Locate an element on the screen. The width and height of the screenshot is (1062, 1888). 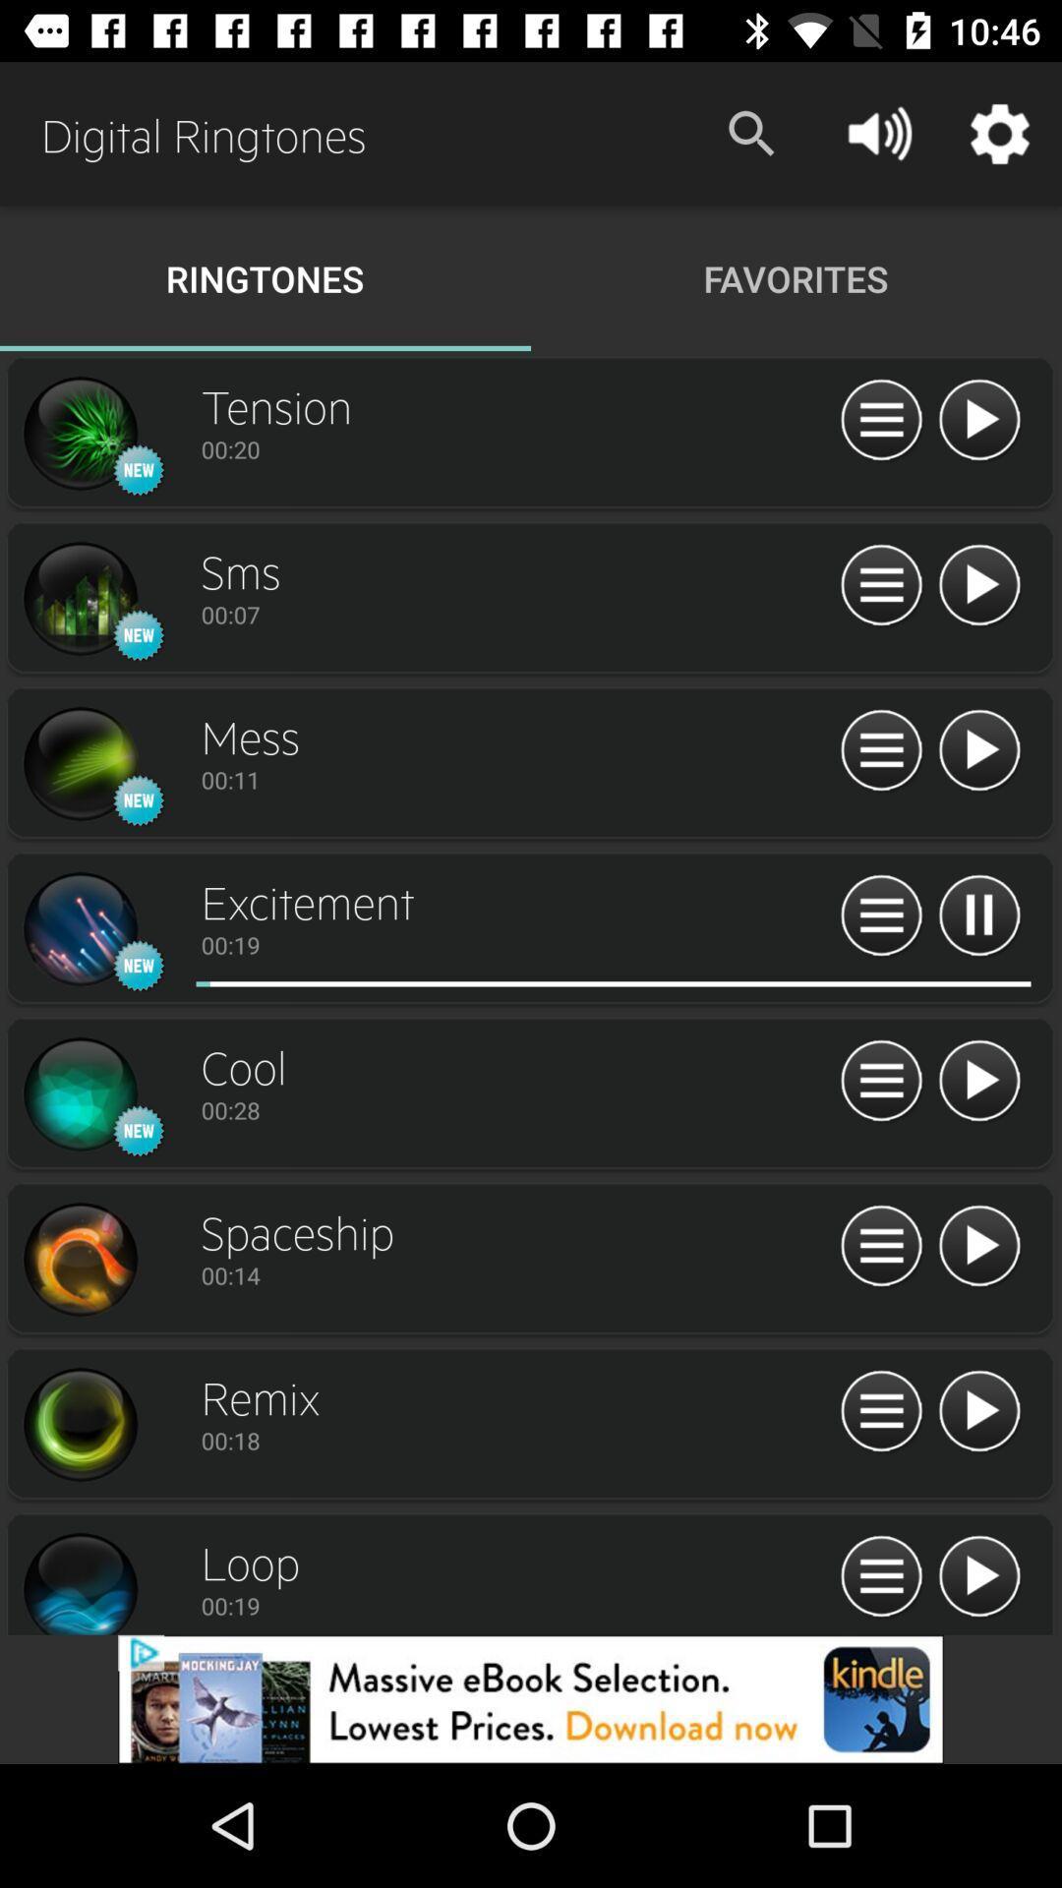
the sound is located at coordinates (978, 750).